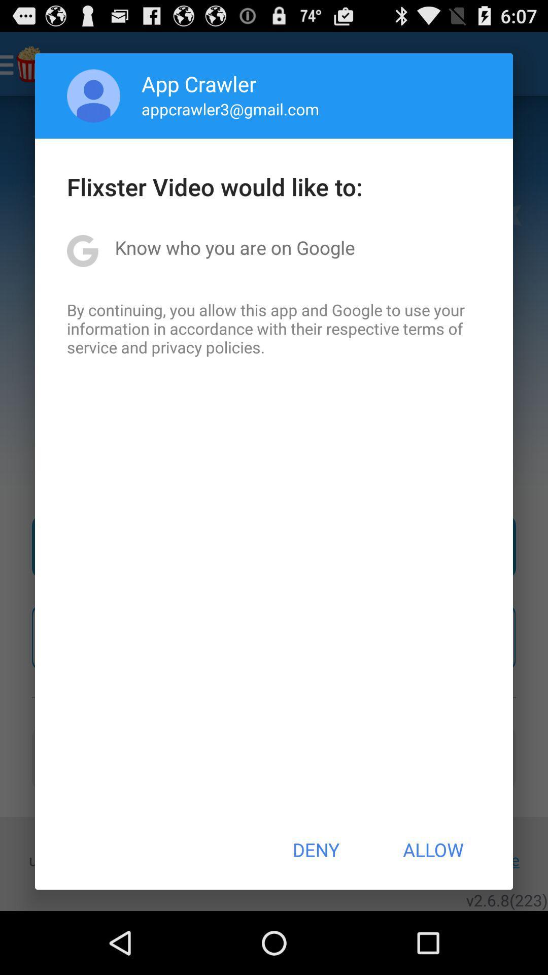  I want to click on the deny button, so click(315, 850).